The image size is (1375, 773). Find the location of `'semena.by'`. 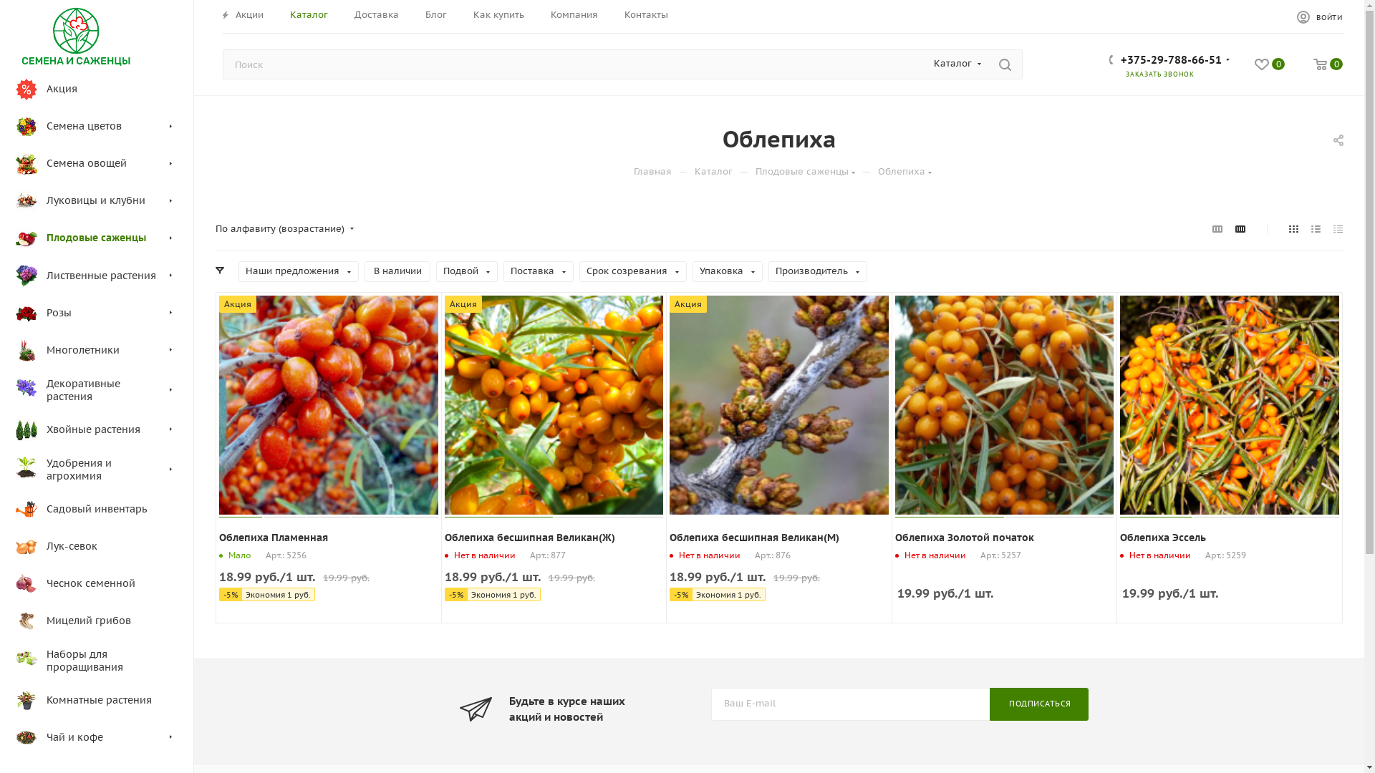

'semena.by' is located at coordinates (75, 35).